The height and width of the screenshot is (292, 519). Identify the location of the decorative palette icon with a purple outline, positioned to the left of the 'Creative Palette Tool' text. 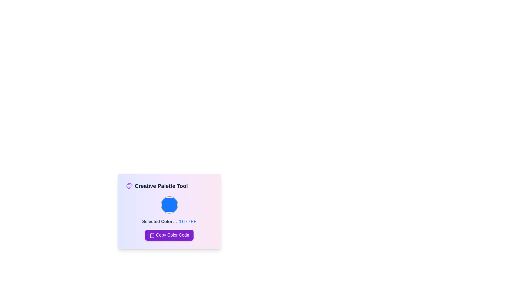
(129, 185).